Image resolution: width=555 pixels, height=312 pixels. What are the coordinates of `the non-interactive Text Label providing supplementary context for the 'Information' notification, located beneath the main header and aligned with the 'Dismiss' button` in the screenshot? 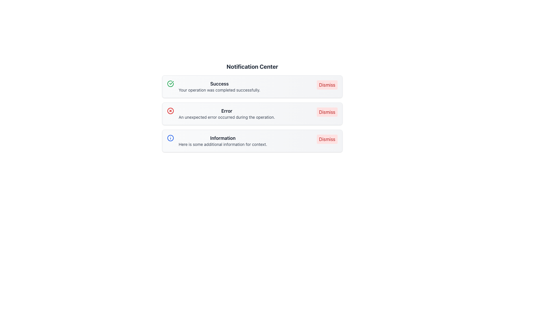 It's located at (223, 144).